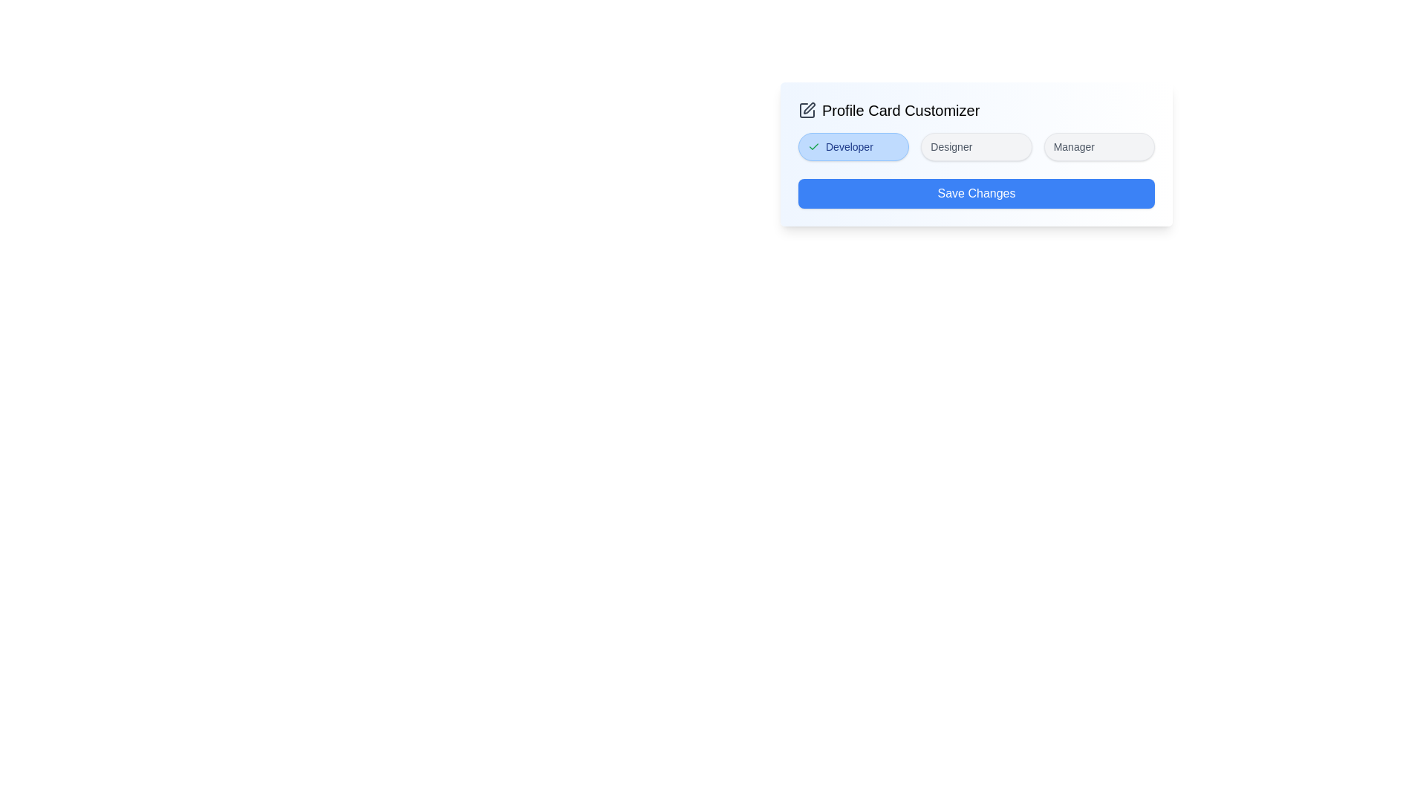  Describe the element at coordinates (1099, 146) in the screenshot. I see `the Manager tag to toggle its selection` at that location.